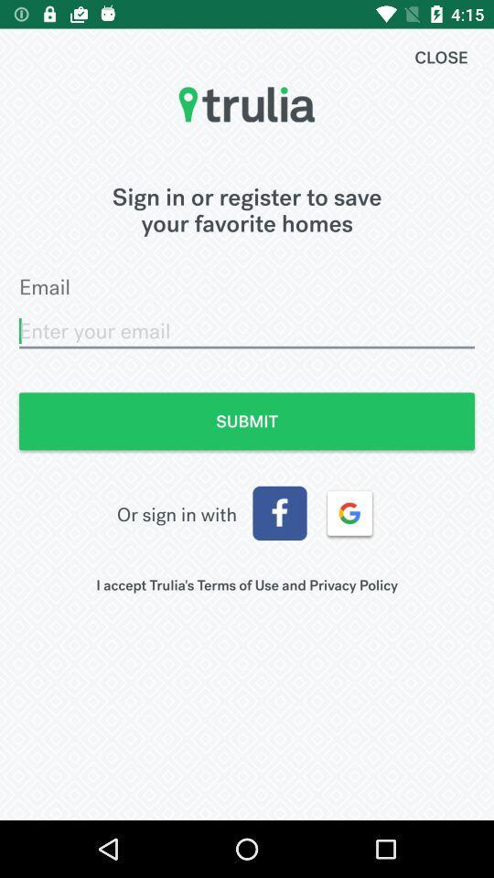 The width and height of the screenshot is (494, 878). I want to click on sign in with facebook, so click(280, 513).